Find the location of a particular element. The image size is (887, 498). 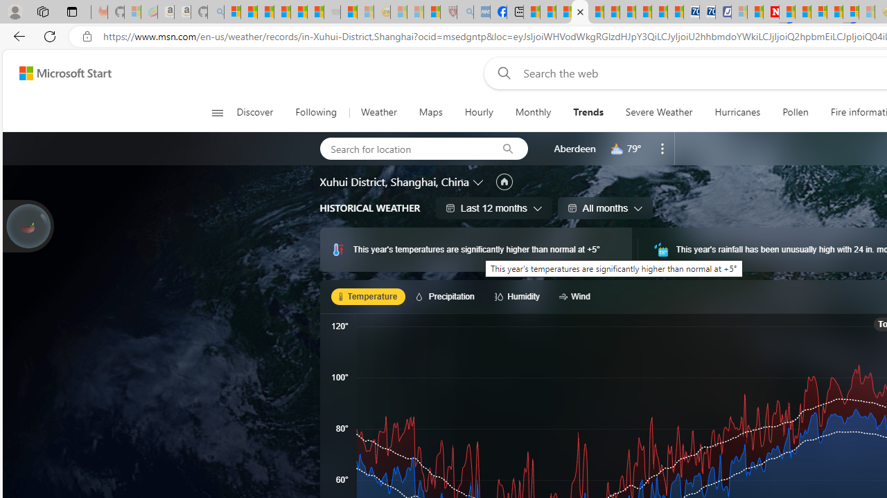

'Trends' is located at coordinates (588, 112).